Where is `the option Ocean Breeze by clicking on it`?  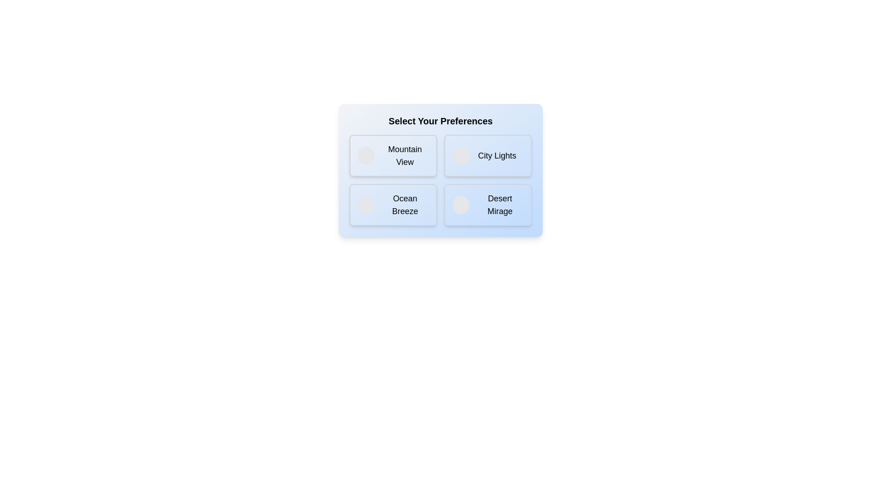 the option Ocean Breeze by clicking on it is located at coordinates (393, 205).